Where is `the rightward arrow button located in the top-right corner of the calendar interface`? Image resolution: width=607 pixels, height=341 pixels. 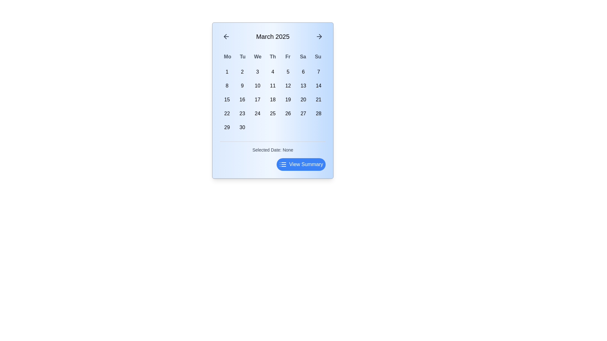 the rightward arrow button located in the top-right corner of the calendar interface is located at coordinates (319, 36).